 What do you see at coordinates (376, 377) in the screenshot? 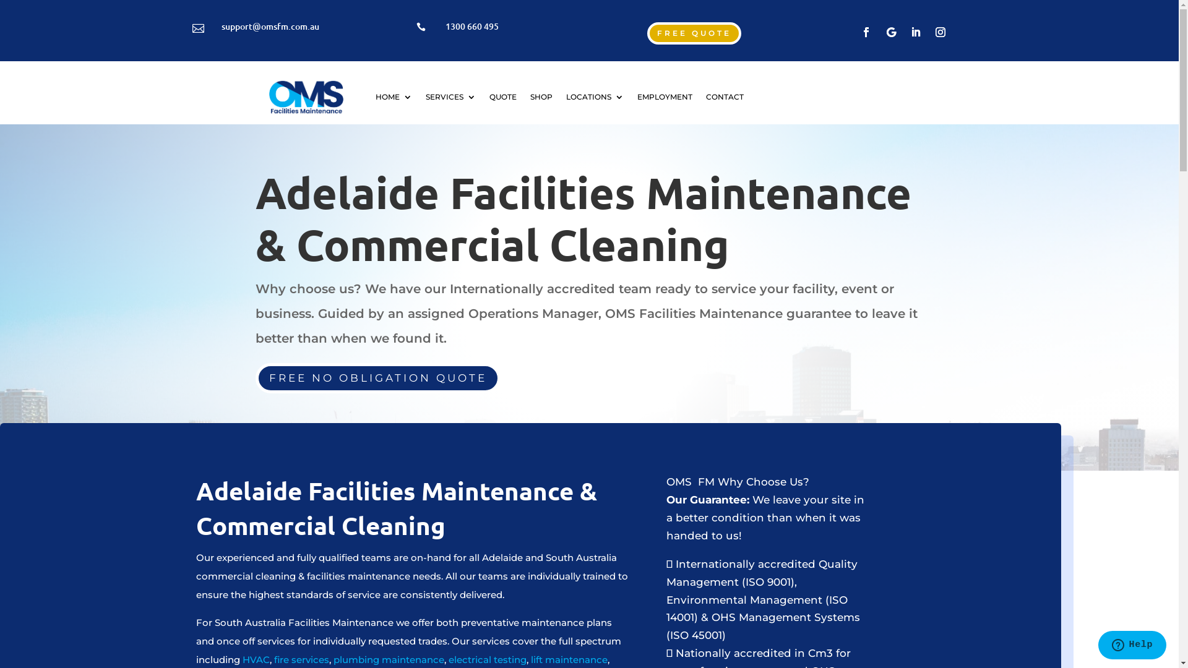
I see `'FREE NO OBLIGATION QUOTE'` at bounding box center [376, 377].